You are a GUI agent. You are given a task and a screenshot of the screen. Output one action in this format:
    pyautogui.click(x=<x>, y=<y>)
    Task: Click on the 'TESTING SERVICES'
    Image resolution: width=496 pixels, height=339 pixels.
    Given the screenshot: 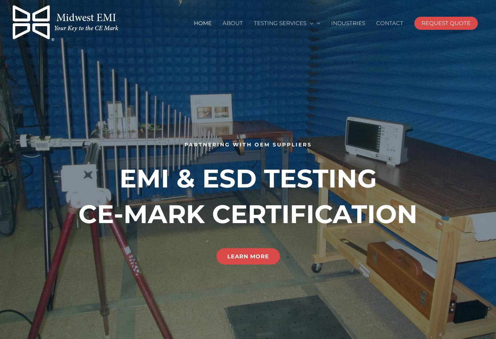 What is the action you would take?
    pyautogui.click(x=280, y=23)
    